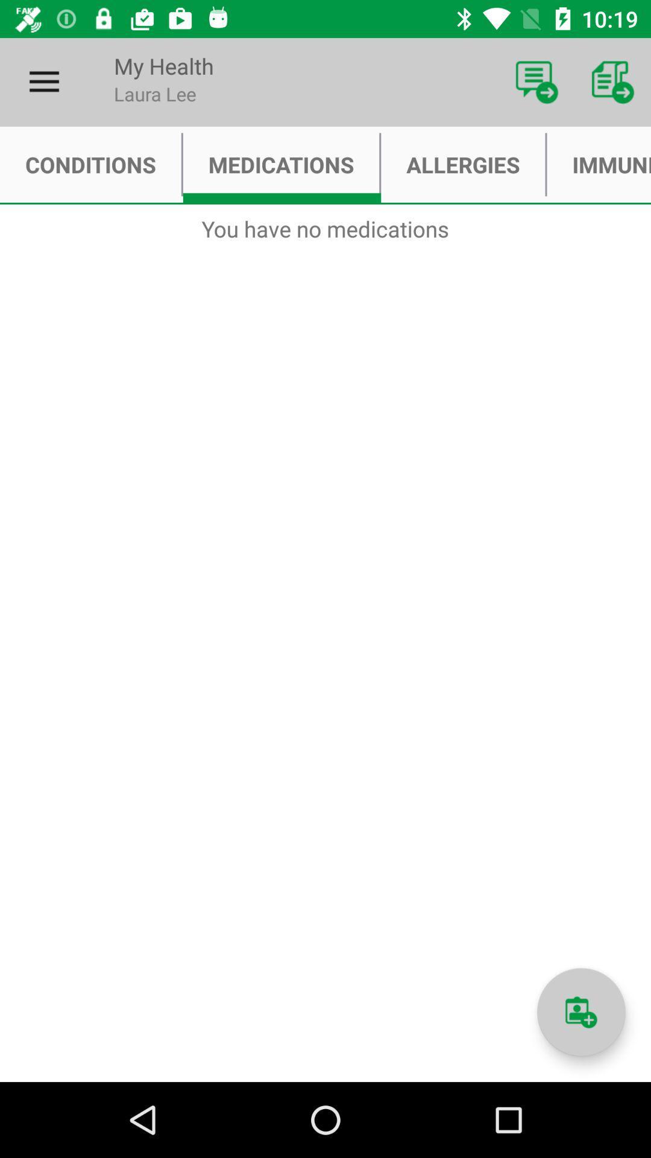 Image resolution: width=651 pixels, height=1158 pixels. Describe the element at coordinates (536, 81) in the screenshot. I see `icon next to the my health` at that location.